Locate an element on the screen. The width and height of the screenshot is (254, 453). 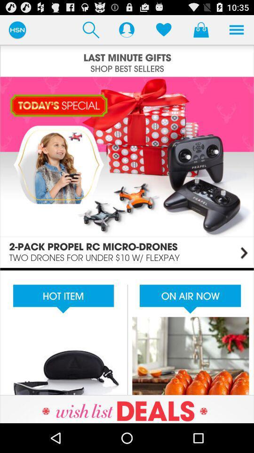
enlarges image is located at coordinates (127, 171).